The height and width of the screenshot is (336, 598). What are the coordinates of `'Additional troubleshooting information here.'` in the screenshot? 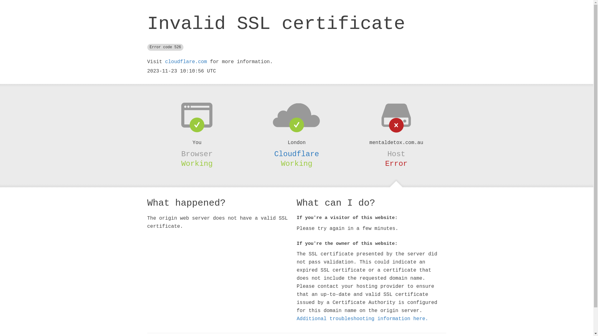 It's located at (362, 319).